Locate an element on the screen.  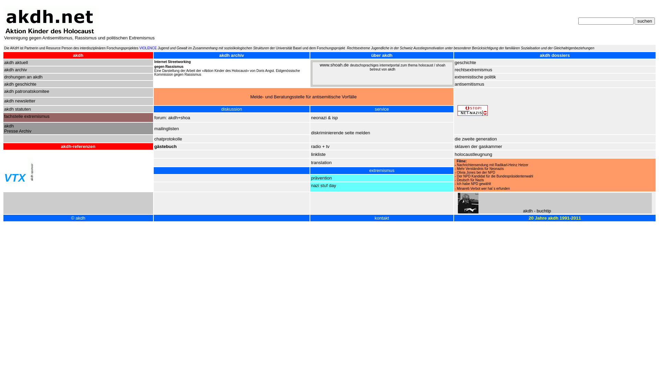
'rechtsextremismus' is located at coordinates (473, 70).